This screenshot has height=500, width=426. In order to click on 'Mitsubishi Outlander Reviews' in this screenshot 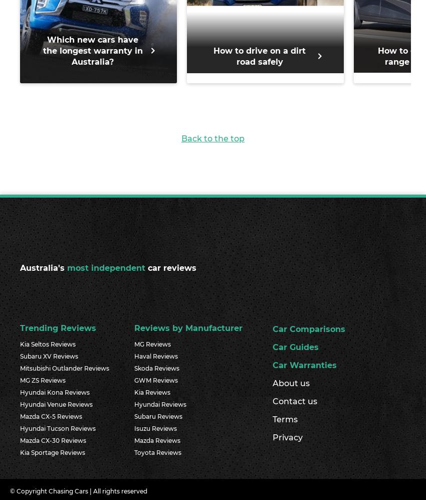, I will do `click(65, 368)`.